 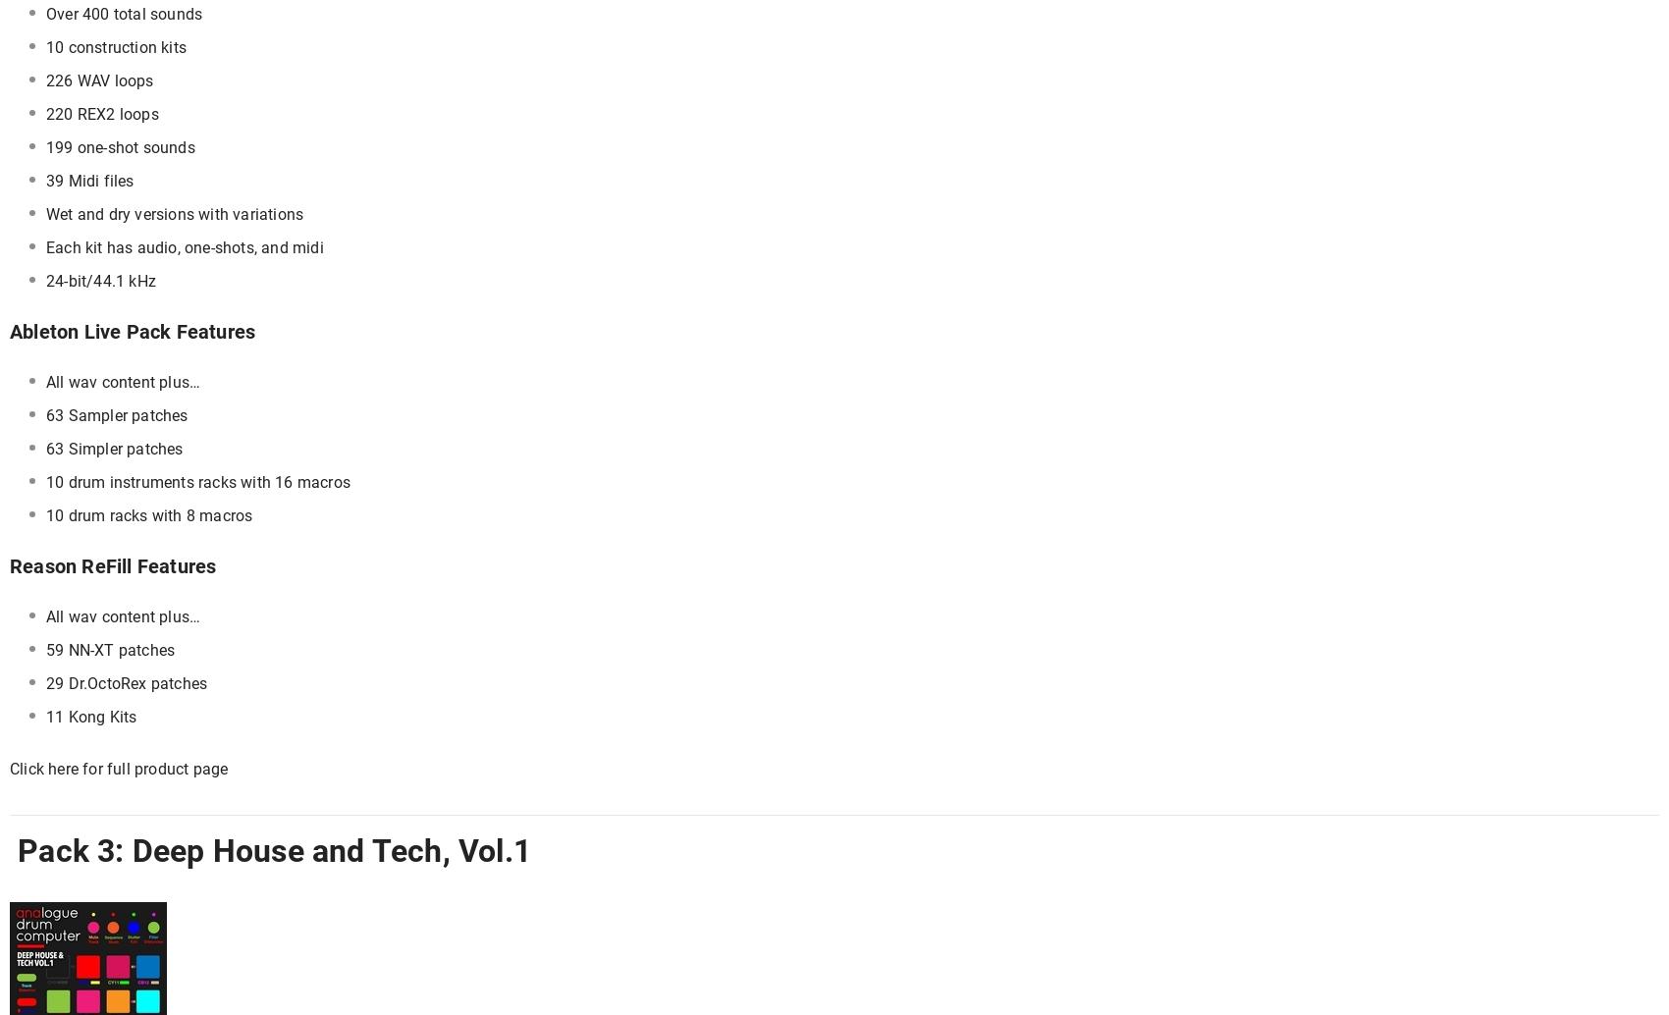 I want to click on '59 NN-XT patches', so click(x=109, y=650).